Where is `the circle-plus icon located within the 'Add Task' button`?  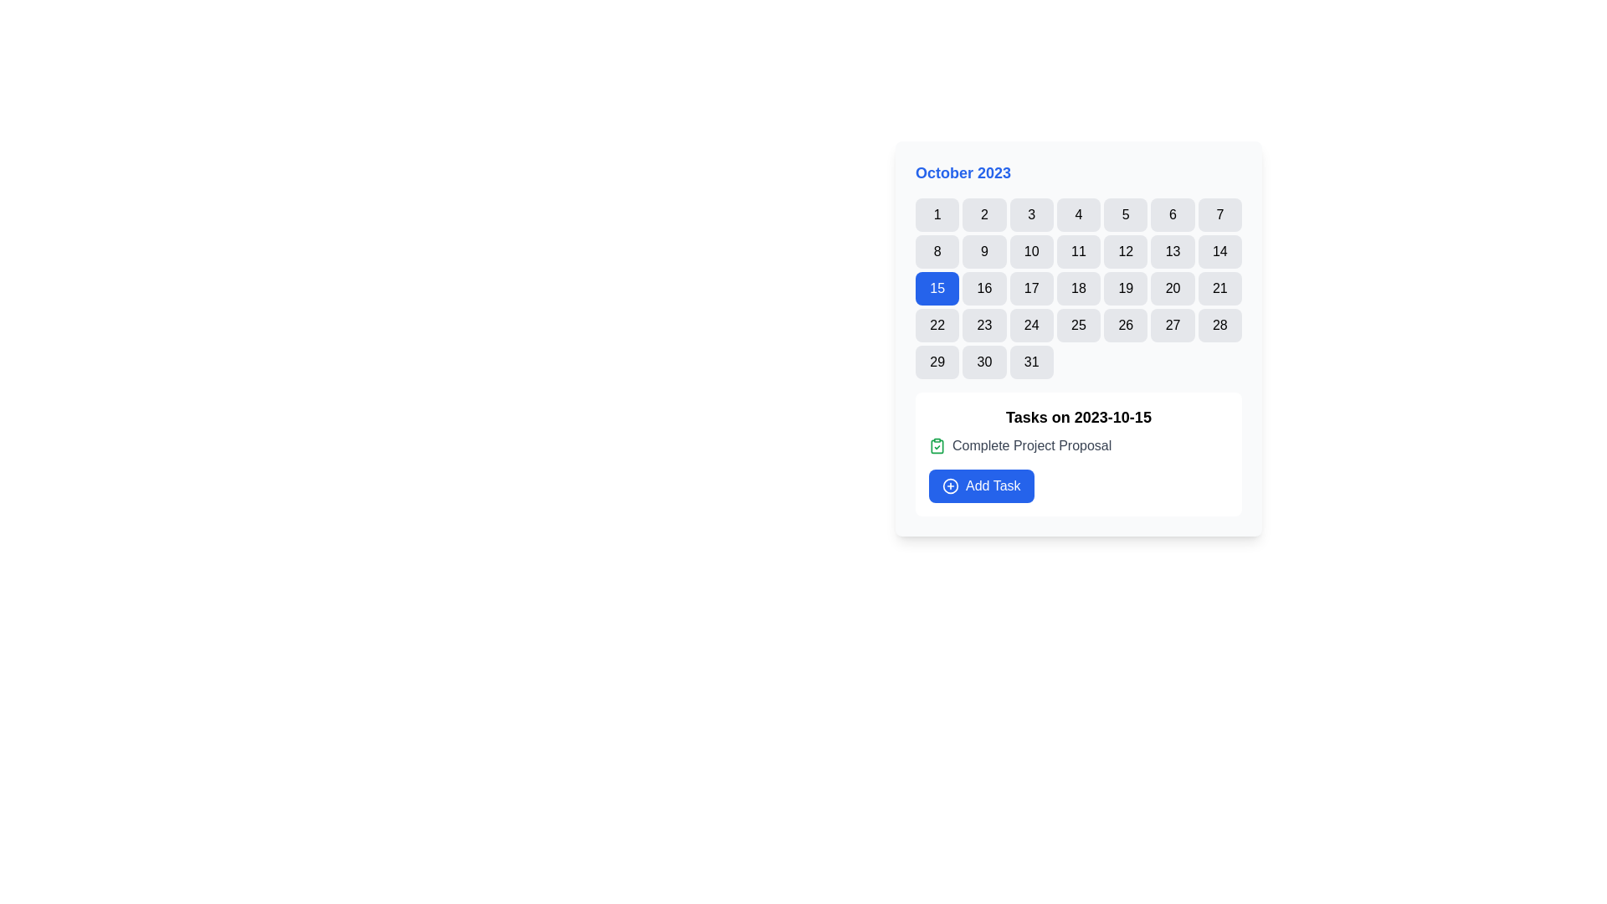
the circle-plus icon located within the 'Add Task' button is located at coordinates (951, 486).